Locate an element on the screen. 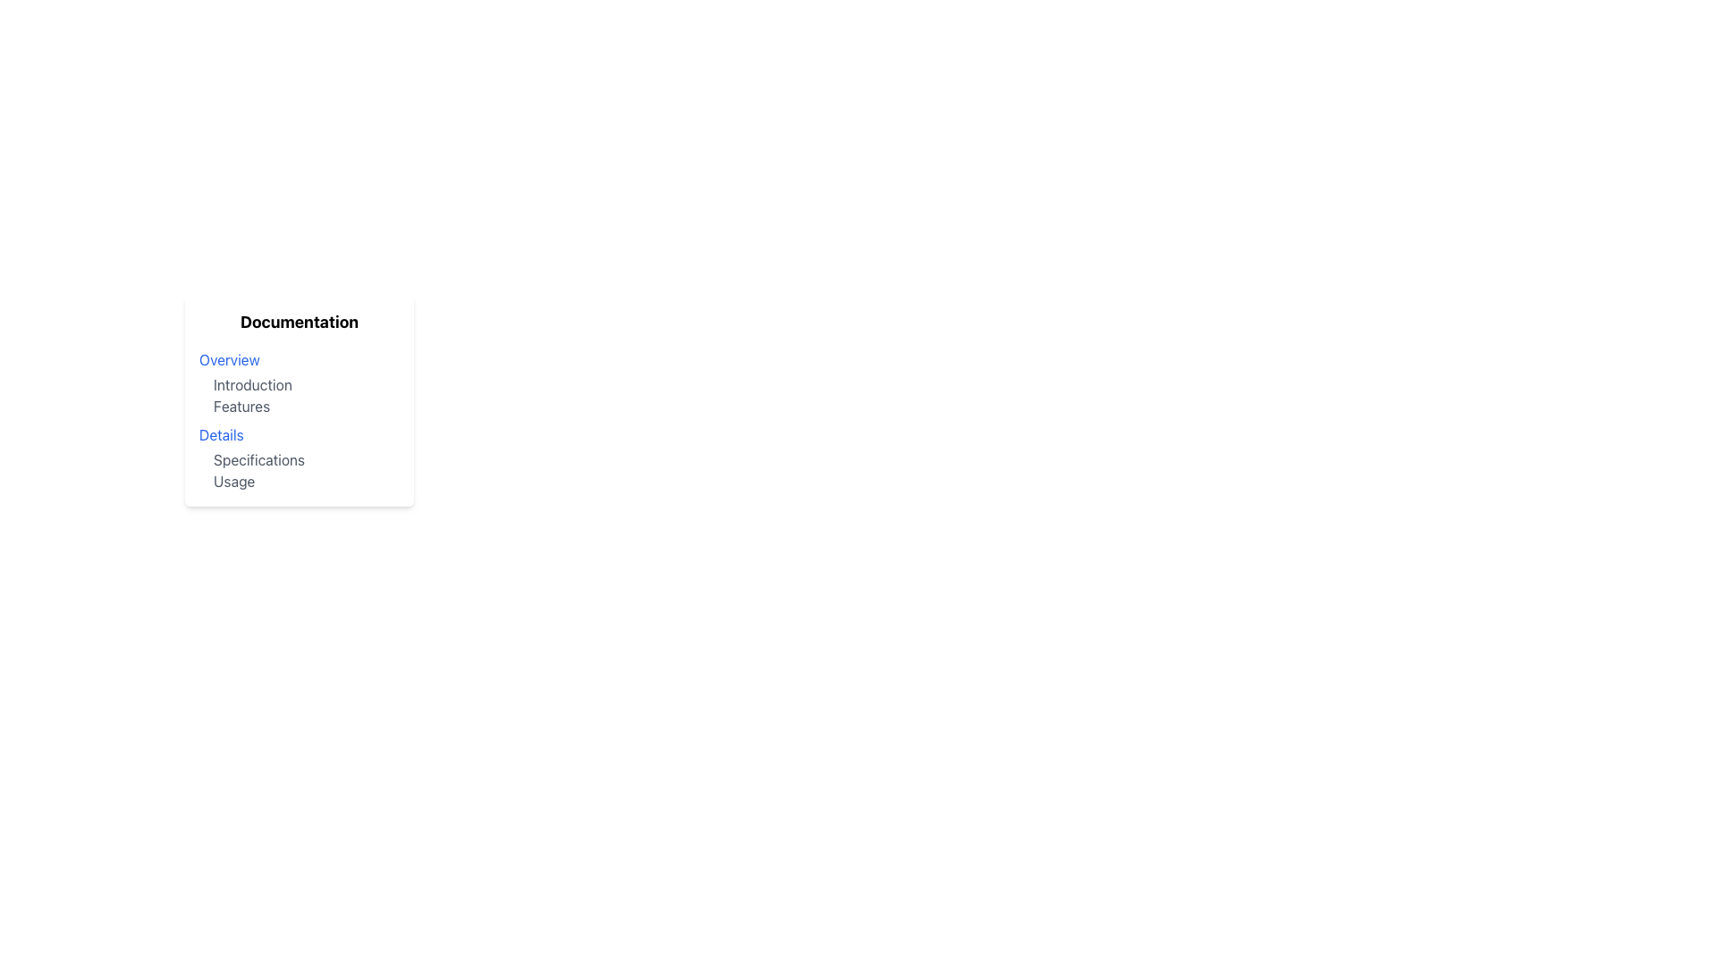  the hyperlink at the bottom of the 'Documentation' section is located at coordinates (233, 481).